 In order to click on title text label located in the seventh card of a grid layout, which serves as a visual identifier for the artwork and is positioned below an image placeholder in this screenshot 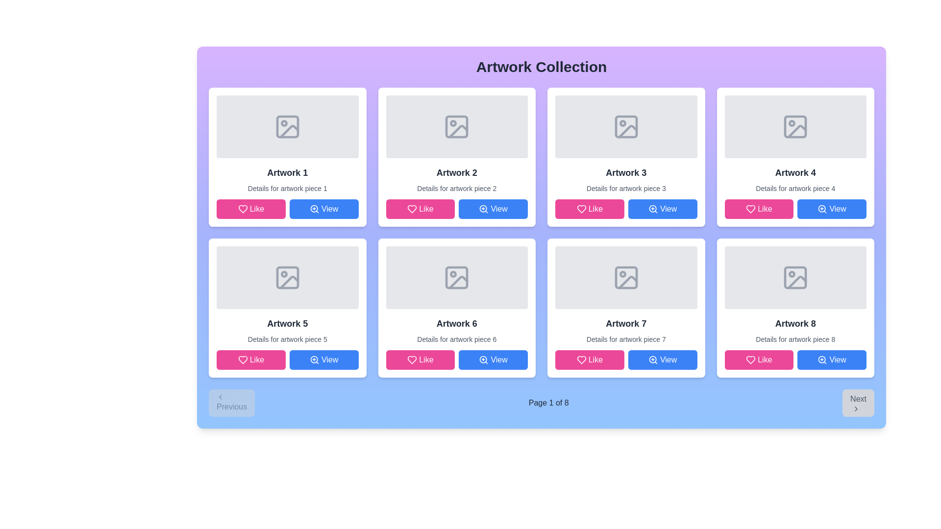, I will do `click(625, 323)`.